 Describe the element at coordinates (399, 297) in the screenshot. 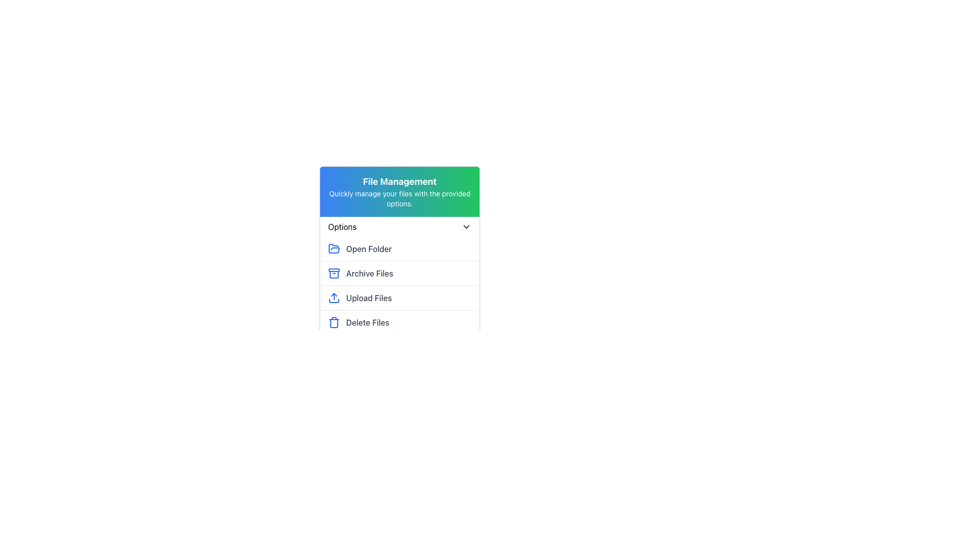

I see `the clickable menu option for uploading files, which is the third row in a vertical list of options` at that location.